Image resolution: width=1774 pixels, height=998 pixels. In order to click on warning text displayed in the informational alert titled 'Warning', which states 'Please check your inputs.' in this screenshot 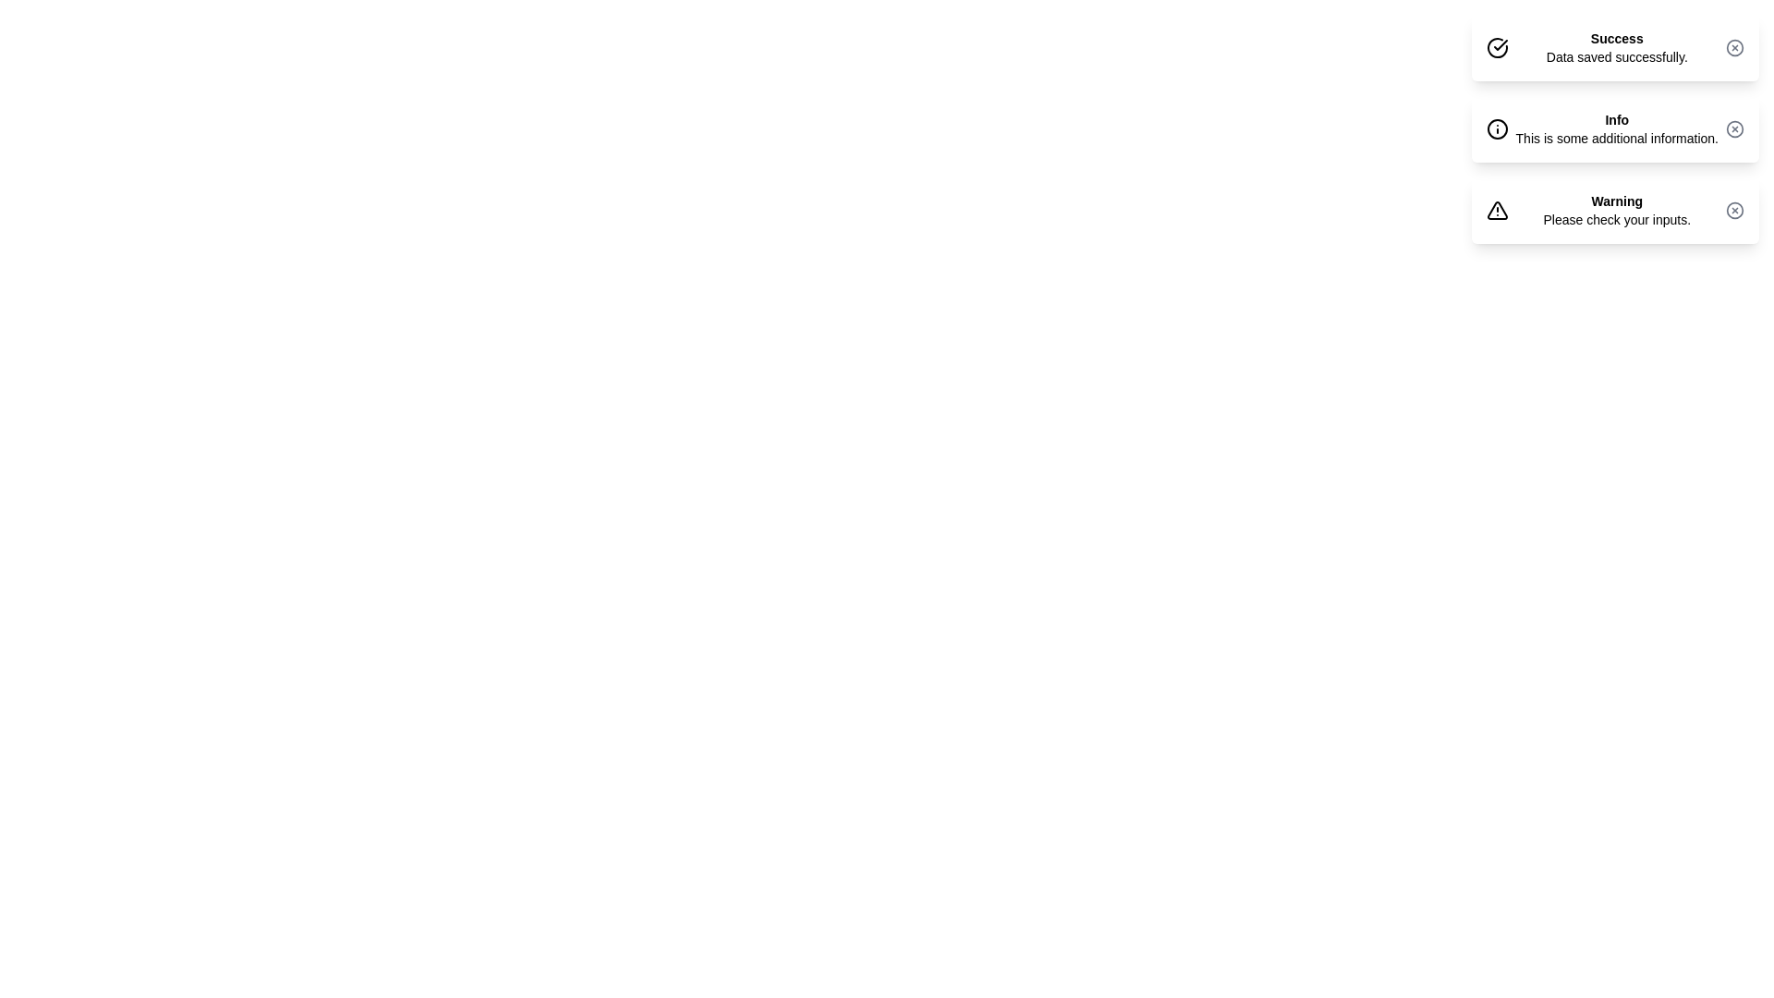, I will do `click(1616, 209)`.